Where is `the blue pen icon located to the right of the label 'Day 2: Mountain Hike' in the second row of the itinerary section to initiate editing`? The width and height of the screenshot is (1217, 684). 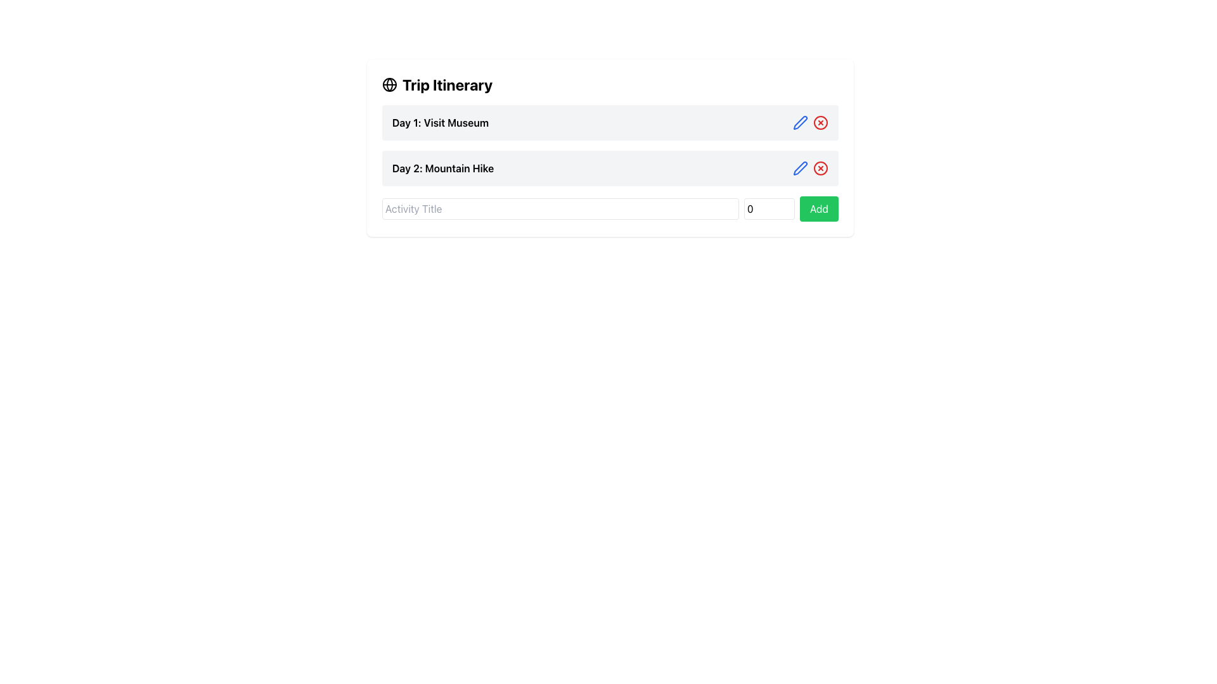 the blue pen icon located to the right of the label 'Day 2: Mountain Hike' in the second row of the itinerary section to initiate editing is located at coordinates (799, 122).